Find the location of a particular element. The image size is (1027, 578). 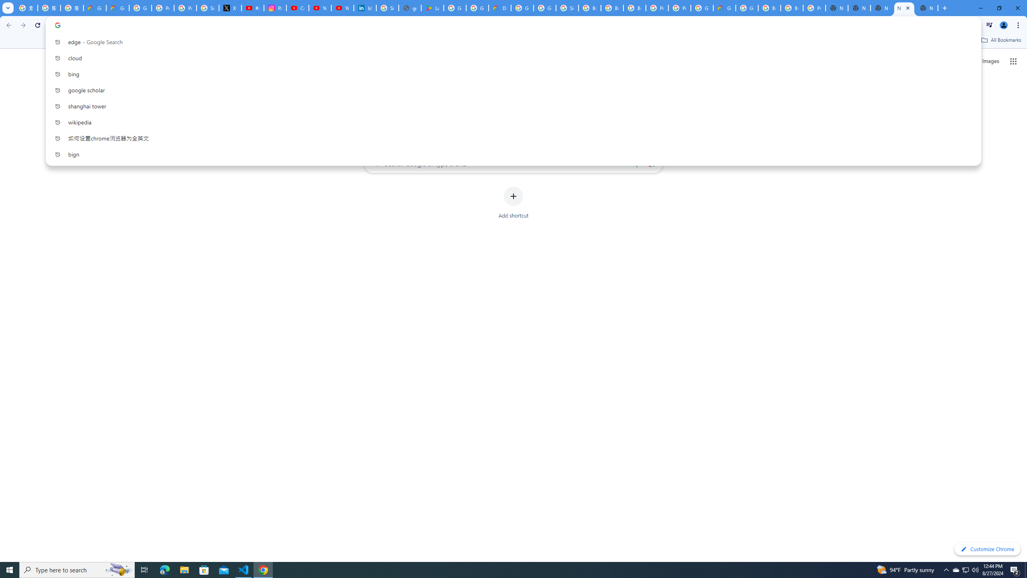

'YouTube Culture & Trends - YouTube Top 10, 2021' is located at coordinates (342, 8).